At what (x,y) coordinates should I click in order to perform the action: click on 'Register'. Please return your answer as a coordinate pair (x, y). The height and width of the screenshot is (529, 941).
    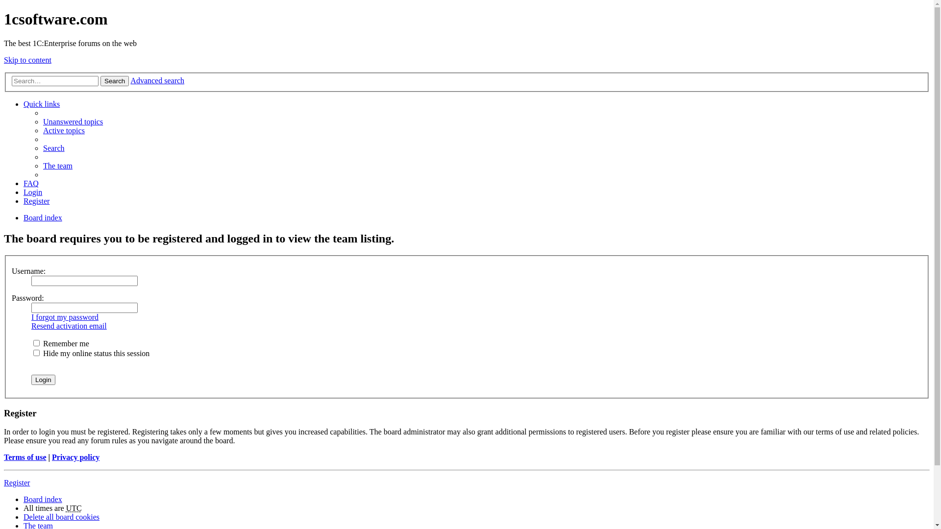
    Looking at the image, I should click on (36, 200).